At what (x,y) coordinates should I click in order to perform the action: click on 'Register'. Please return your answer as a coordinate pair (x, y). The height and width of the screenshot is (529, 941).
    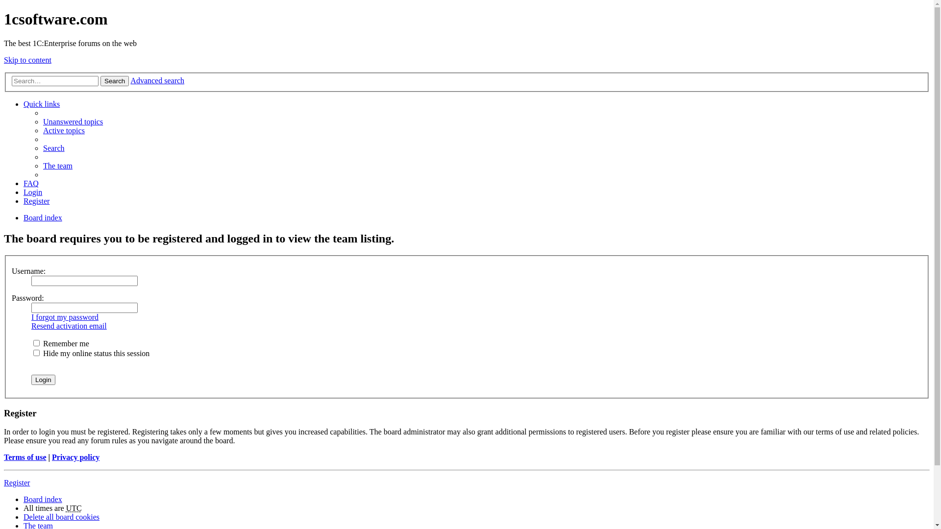
    Looking at the image, I should click on (36, 200).